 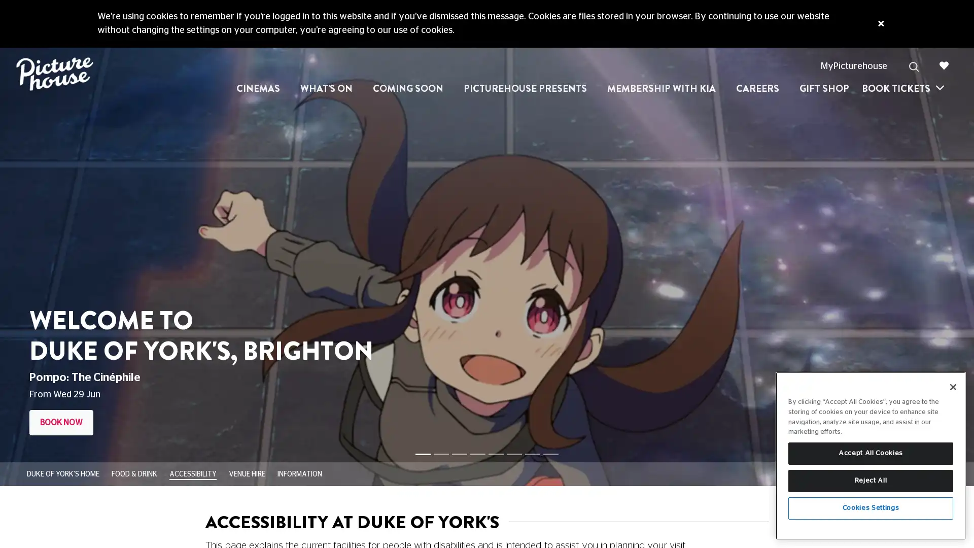 I want to click on Close, so click(x=952, y=387).